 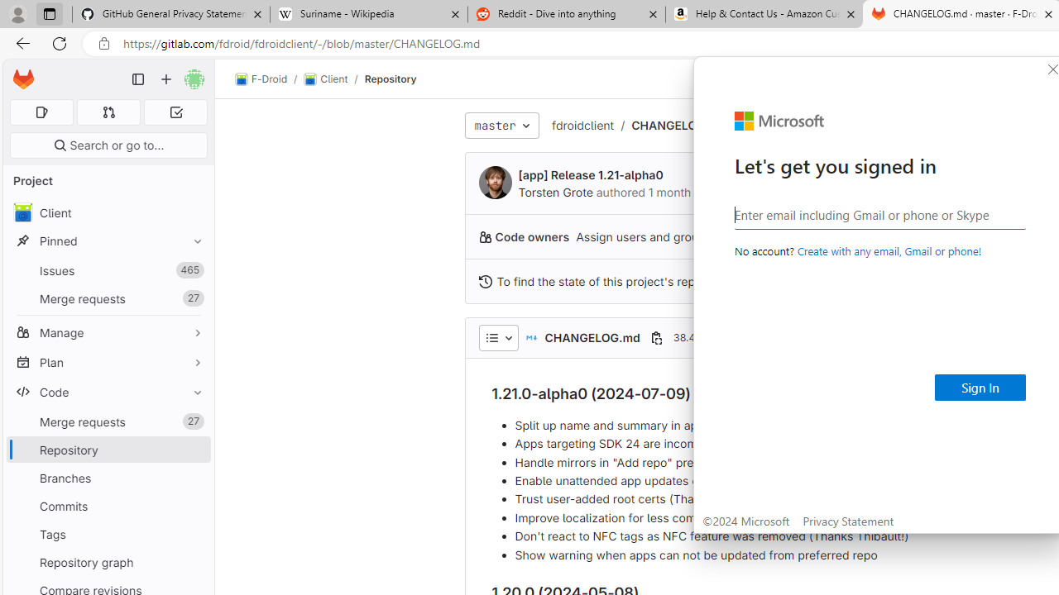 I want to click on 'Issues 465', so click(x=108, y=269).